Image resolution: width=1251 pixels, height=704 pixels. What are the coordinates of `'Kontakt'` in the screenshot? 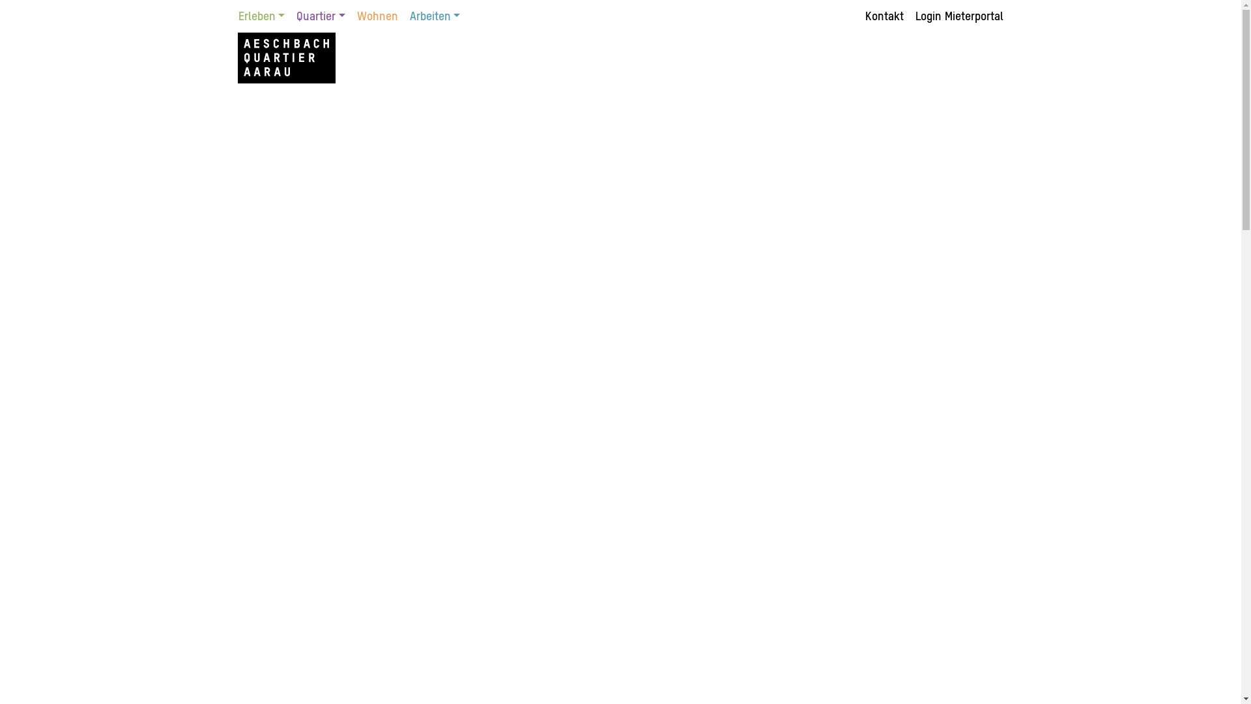 It's located at (886, 17).